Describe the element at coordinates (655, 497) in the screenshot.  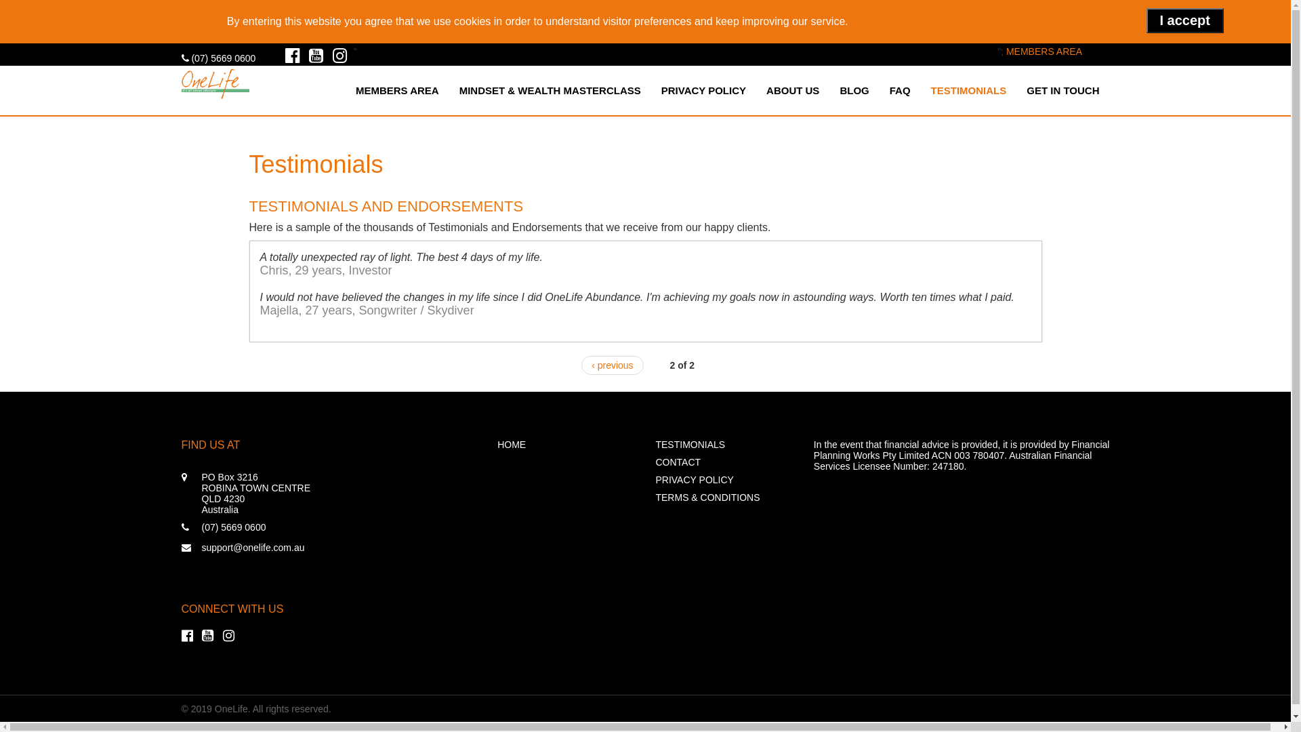
I see `'TERMS & CONDITIONS'` at that location.